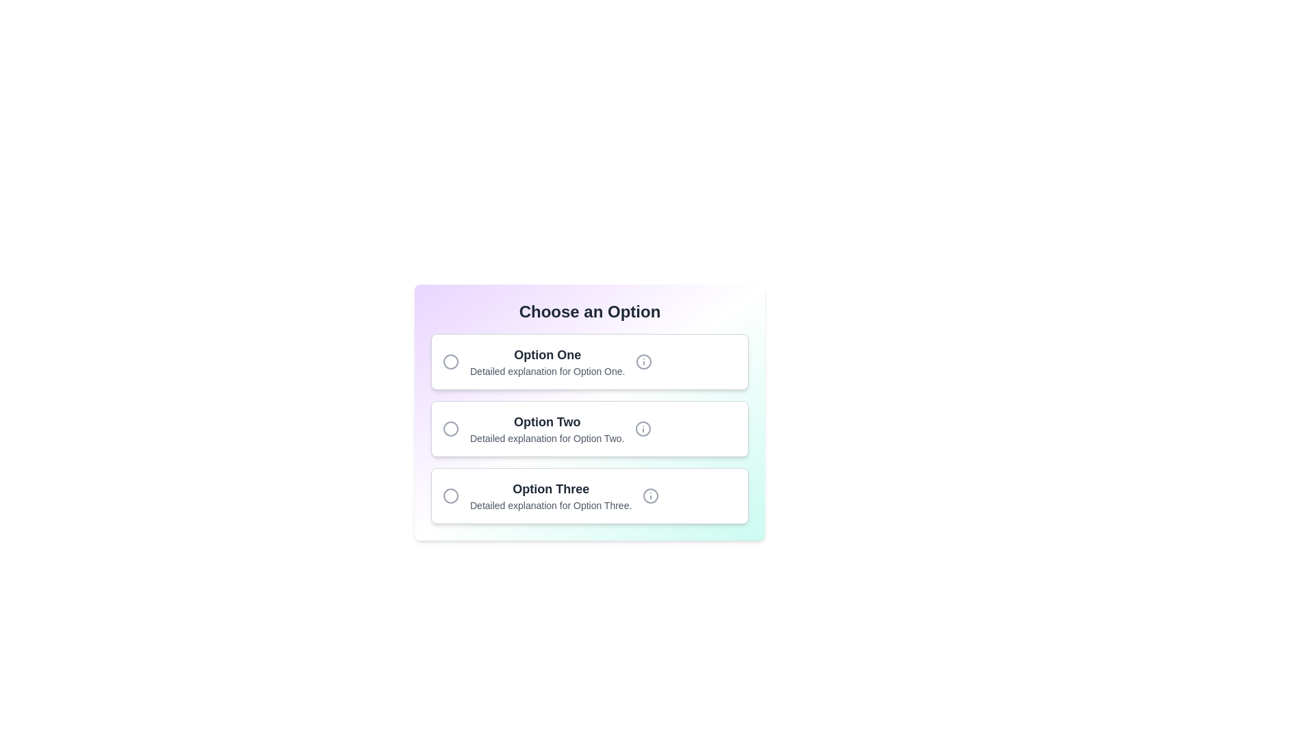 The width and height of the screenshot is (1314, 739). Describe the element at coordinates (547, 361) in the screenshot. I see `the 'Option One' label, which is the first option in a vertically stacked list` at that location.